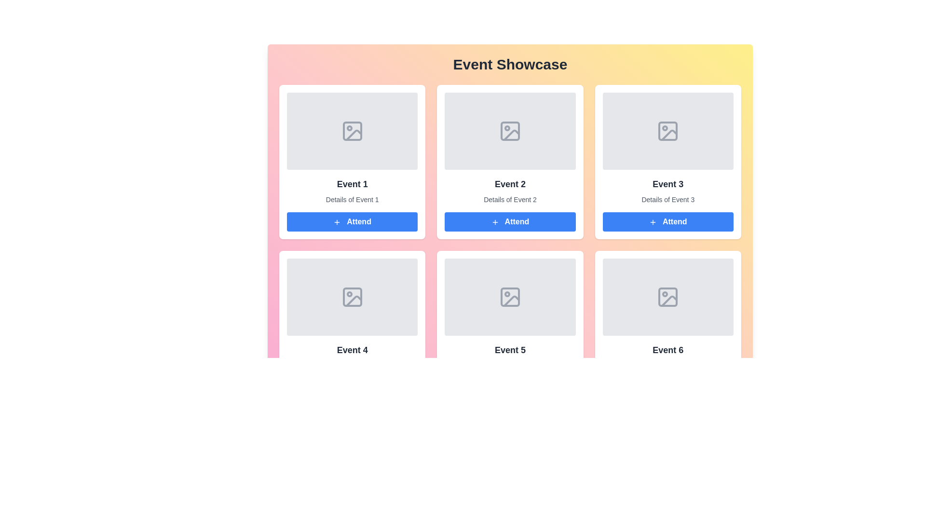 The width and height of the screenshot is (926, 521). What do you see at coordinates (653, 222) in the screenshot?
I see `the icon within the 'Attend' button for 'Event 3' located in the top-right corner of the event showcase grid layout` at bounding box center [653, 222].